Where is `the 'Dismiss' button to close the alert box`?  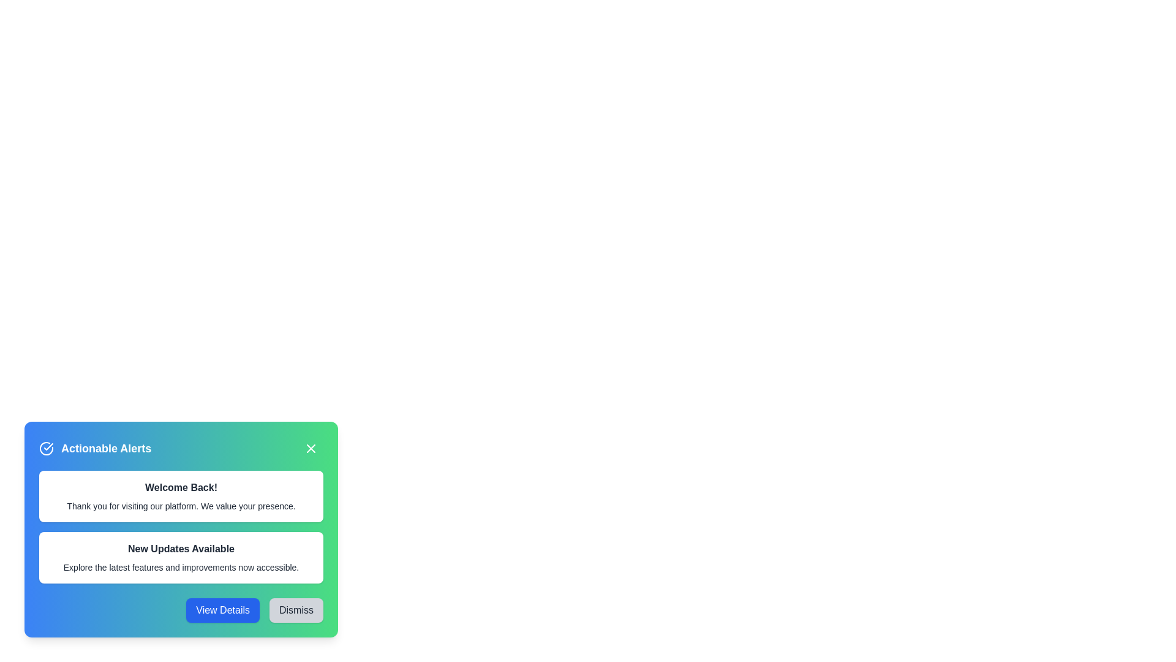
the 'Dismiss' button to close the alert box is located at coordinates (296, 610).